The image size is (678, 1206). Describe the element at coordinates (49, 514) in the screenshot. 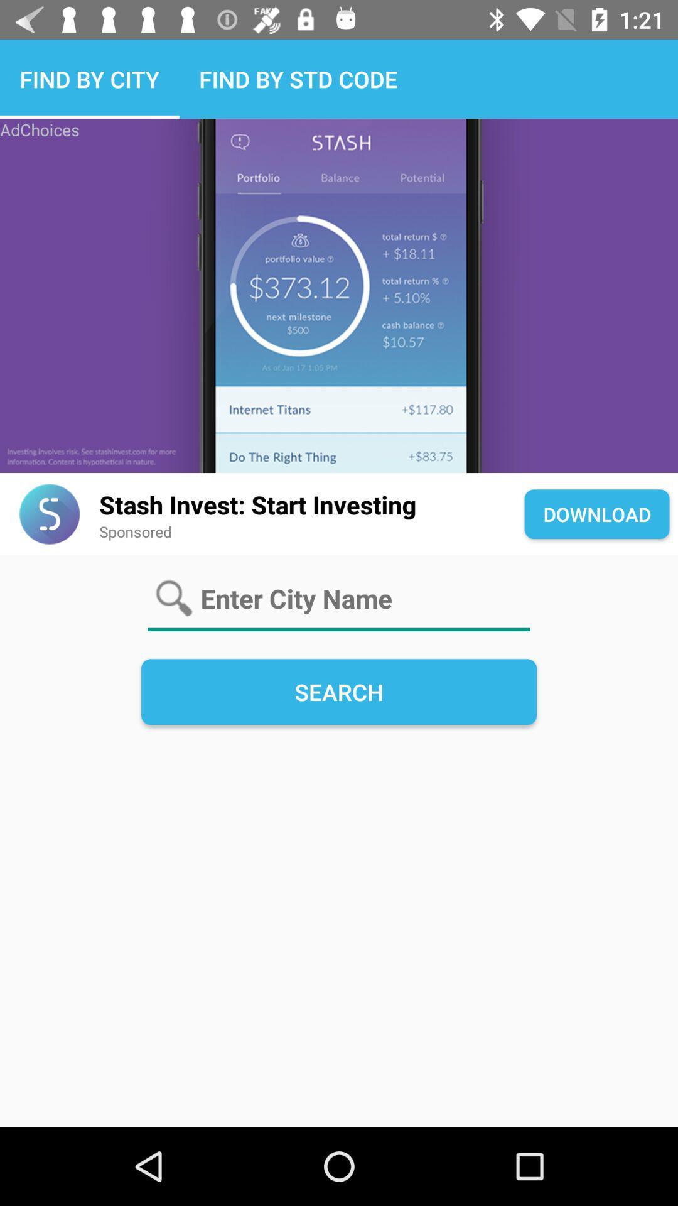

I see `app icon` at that location.